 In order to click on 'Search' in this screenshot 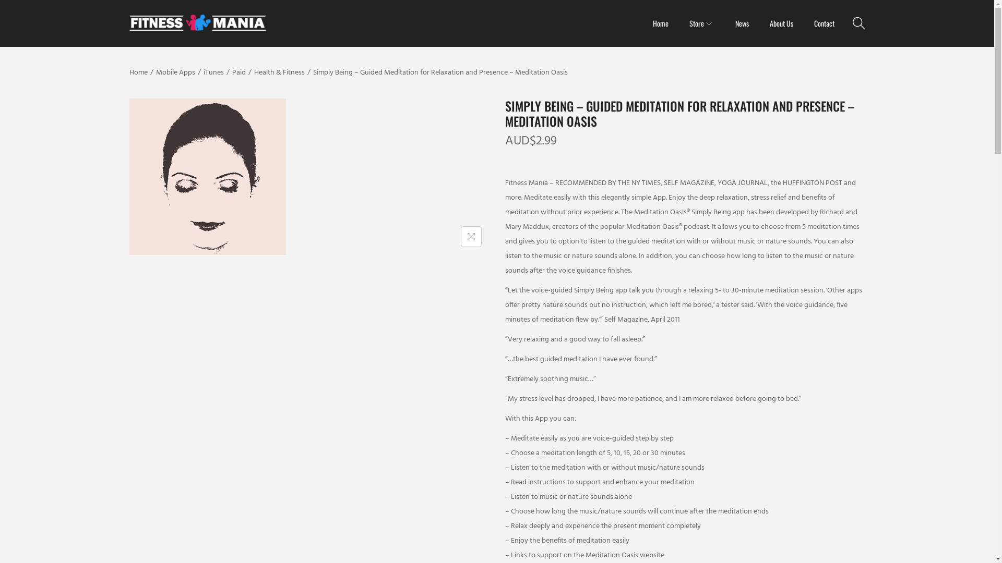, I will do `click(653, 294)`.